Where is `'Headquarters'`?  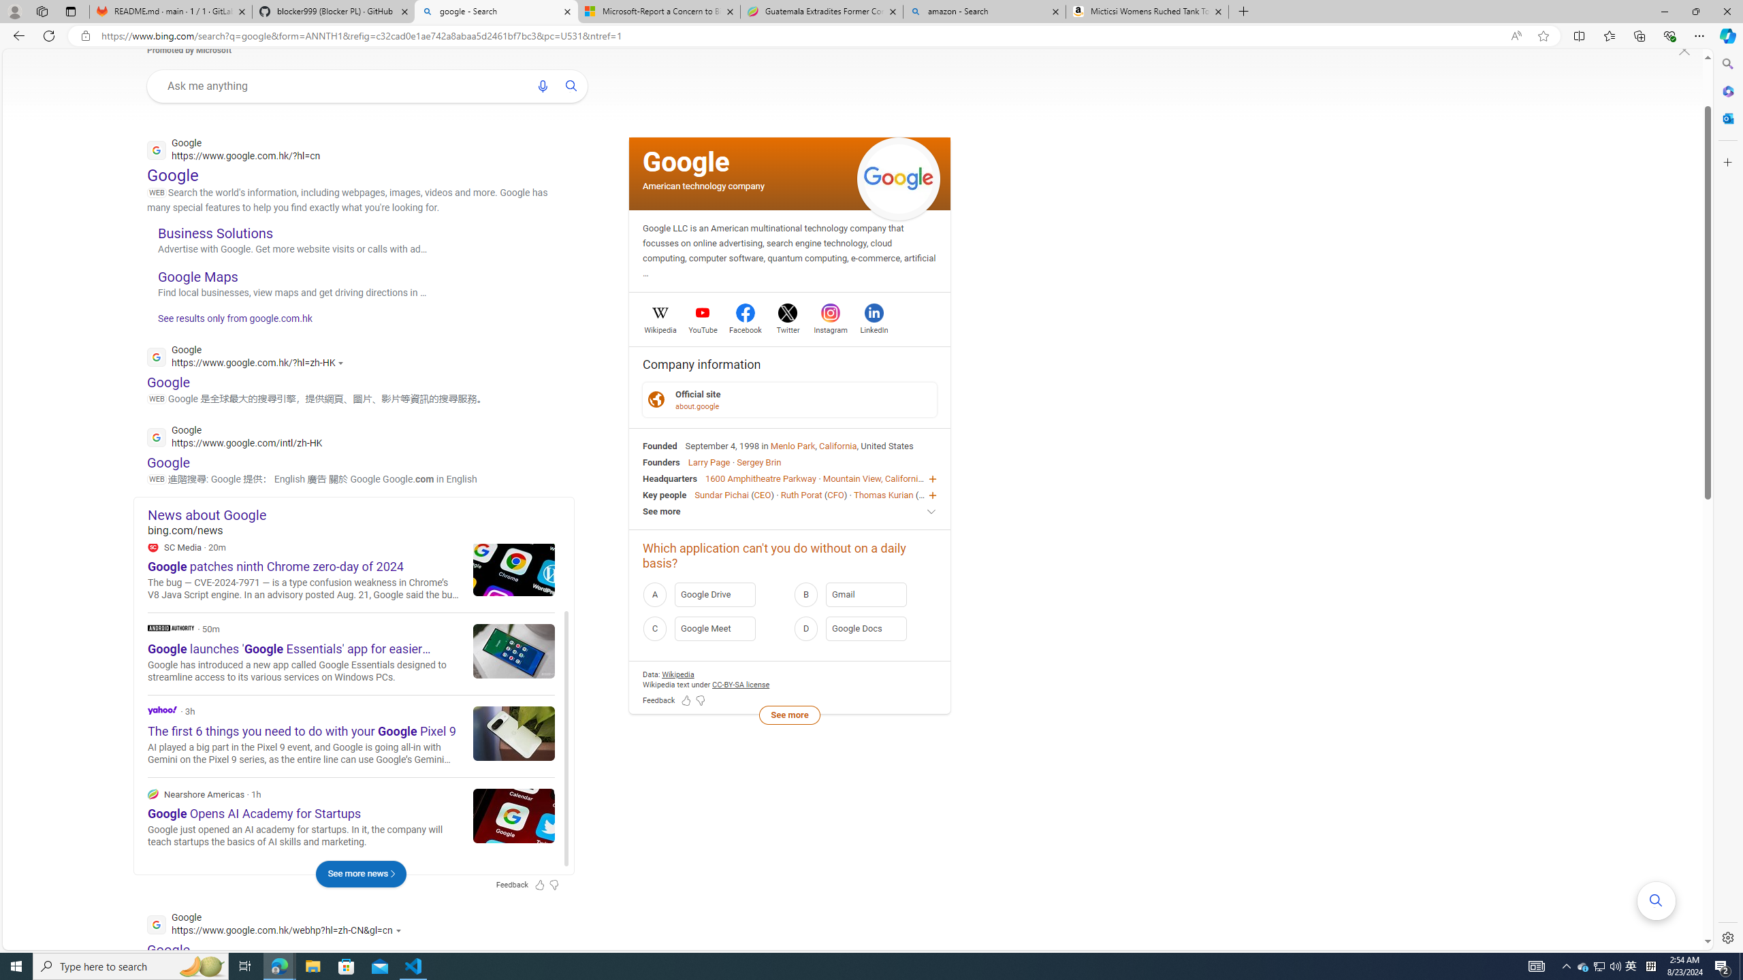 'Headquarters' is located at coordinates (669, 478).